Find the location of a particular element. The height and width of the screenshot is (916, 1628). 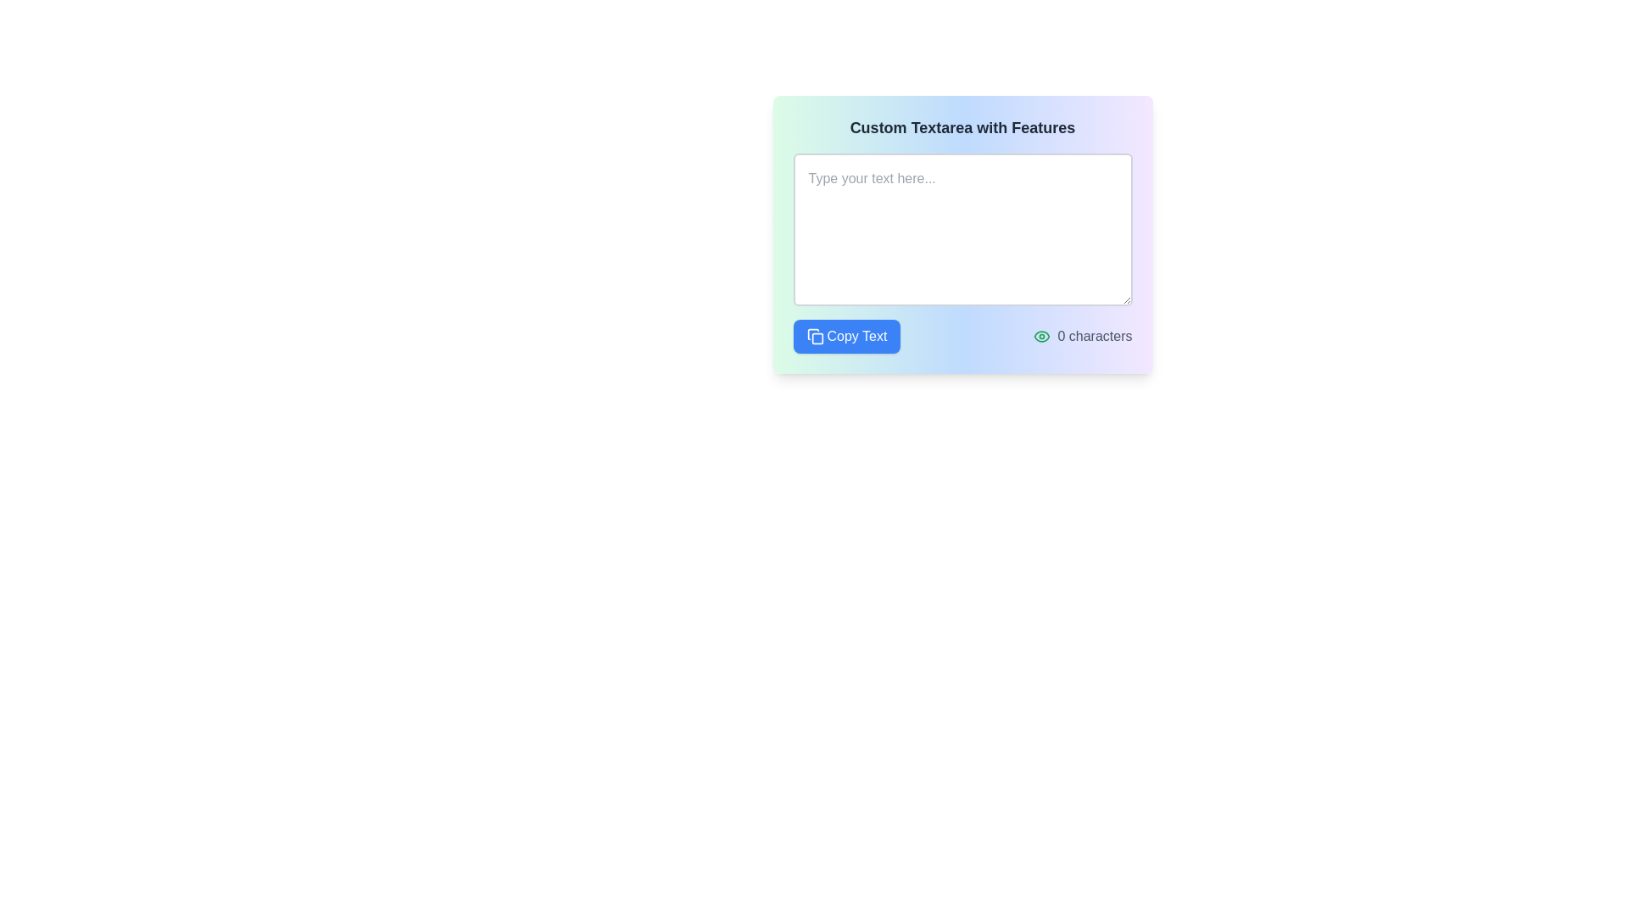

the eye icon, which is styled to resemble an eye with a green stroke, positioned directly to the left of the character count label showing '0 characters' is located at coordinates (1041, 337).